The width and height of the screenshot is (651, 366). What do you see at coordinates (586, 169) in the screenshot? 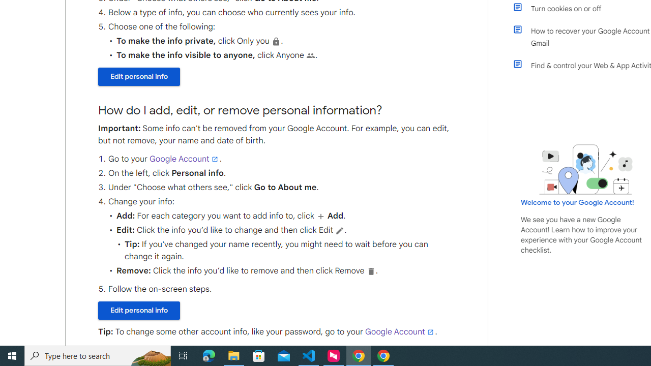
I see `'Learning Center home page image'` at bounding box center [586, 169].